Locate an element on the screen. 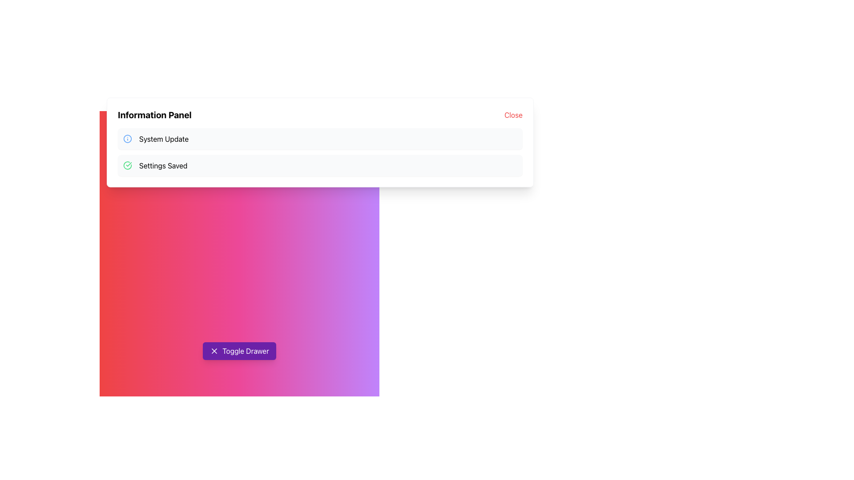  the Notification Banner that indicates settings have been successfully saved, located below the 'System Update' notification in a vertical list is located at coordinates (320, 165).